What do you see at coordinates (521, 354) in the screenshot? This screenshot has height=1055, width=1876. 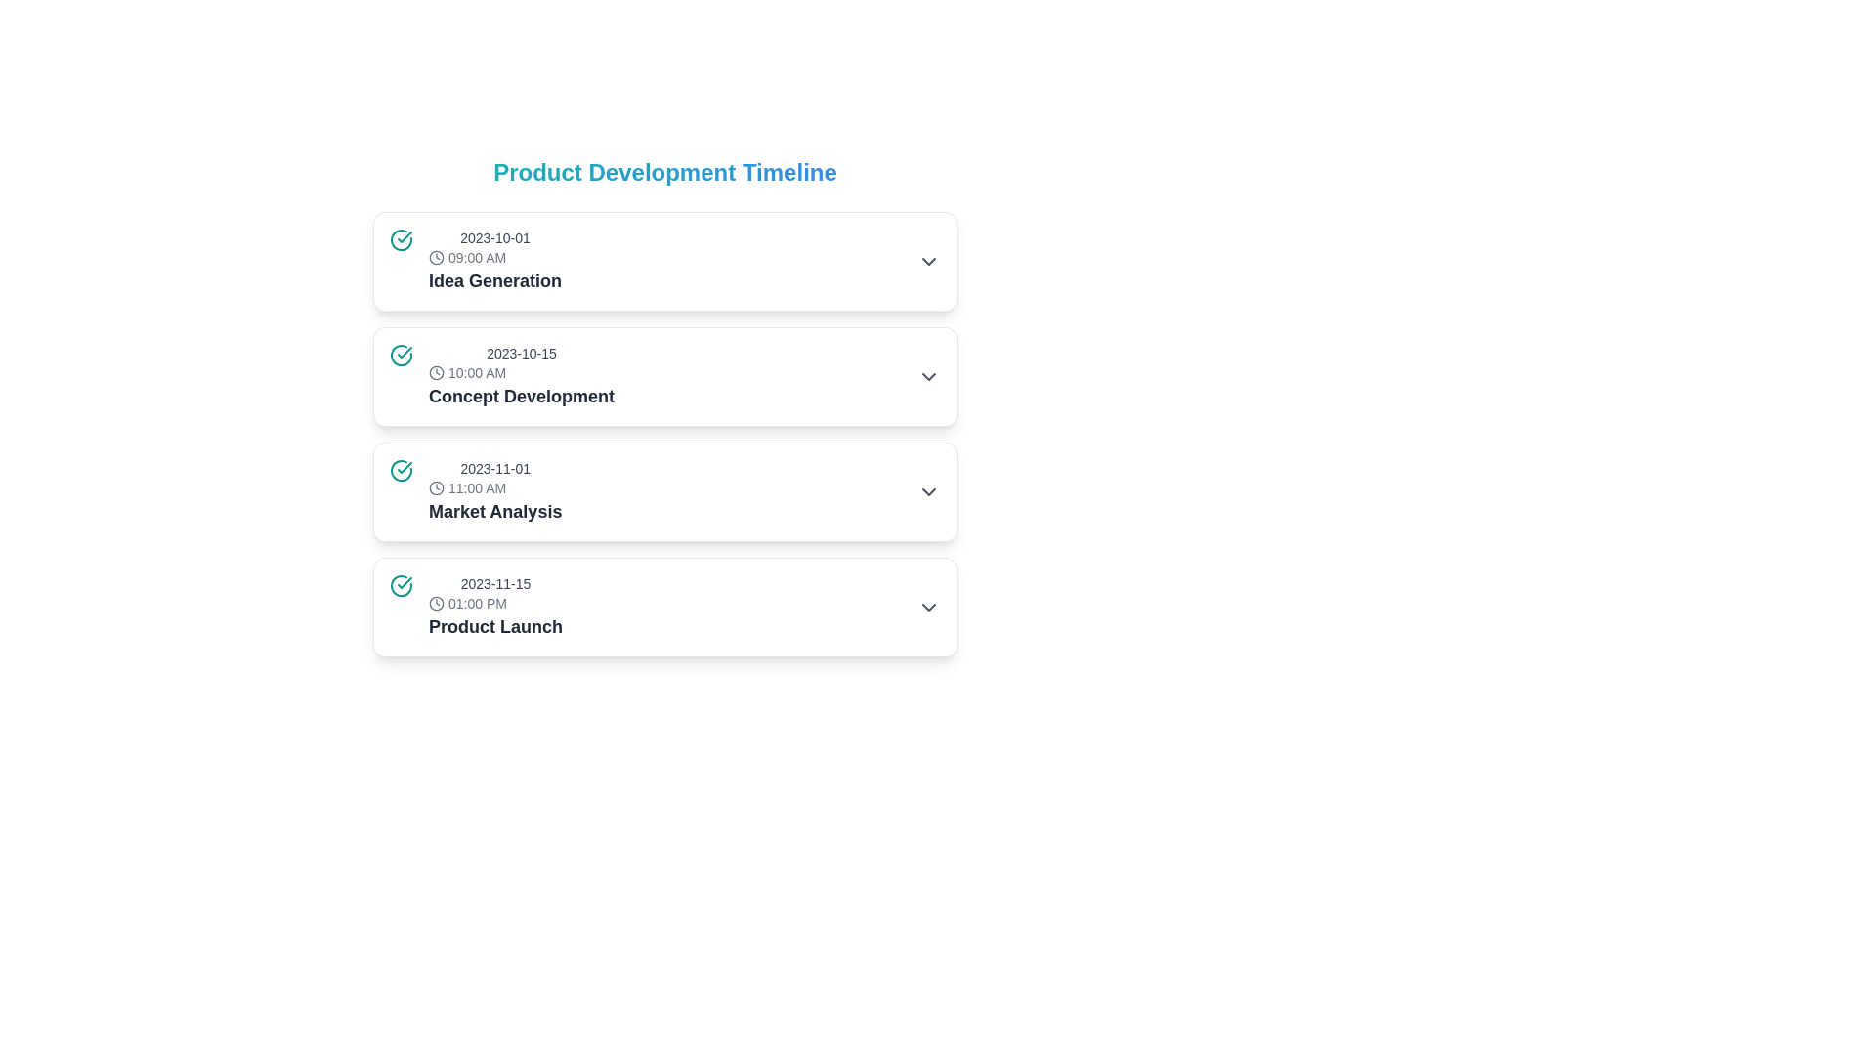 I see `the text label displaying the date '2023-10-15', which is styled in a small gray font and positioned above the time entry '10:00 AM' in the timeline structure` at bounding box center [521, 354].